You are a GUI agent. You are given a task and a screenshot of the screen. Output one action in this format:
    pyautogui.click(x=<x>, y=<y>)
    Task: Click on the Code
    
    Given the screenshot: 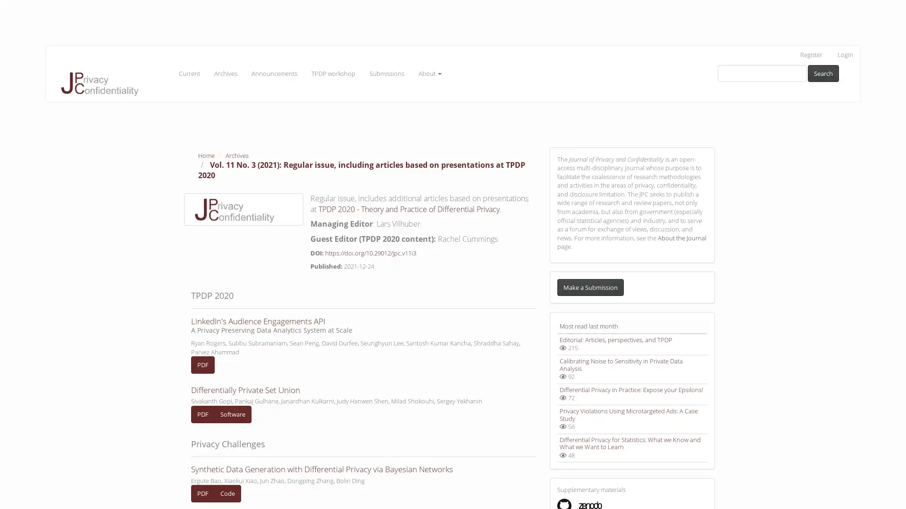 What is the action you would take?
    pyautogui.click(x=227, y=493)
    